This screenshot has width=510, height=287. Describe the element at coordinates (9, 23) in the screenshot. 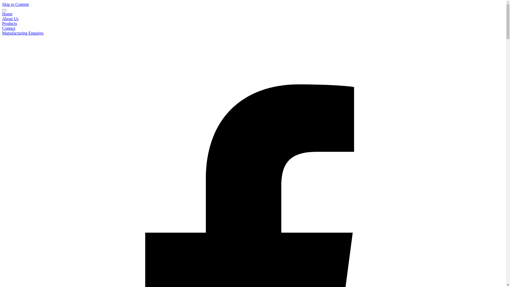

I see `'Products'` at that location.